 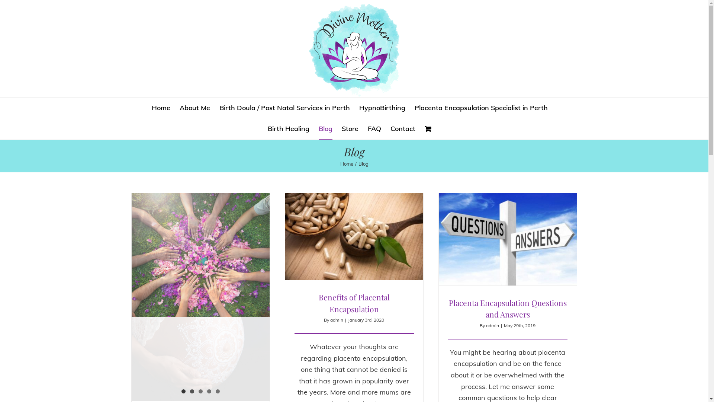 I want to click on 'Home', so click(x=346, y=163).